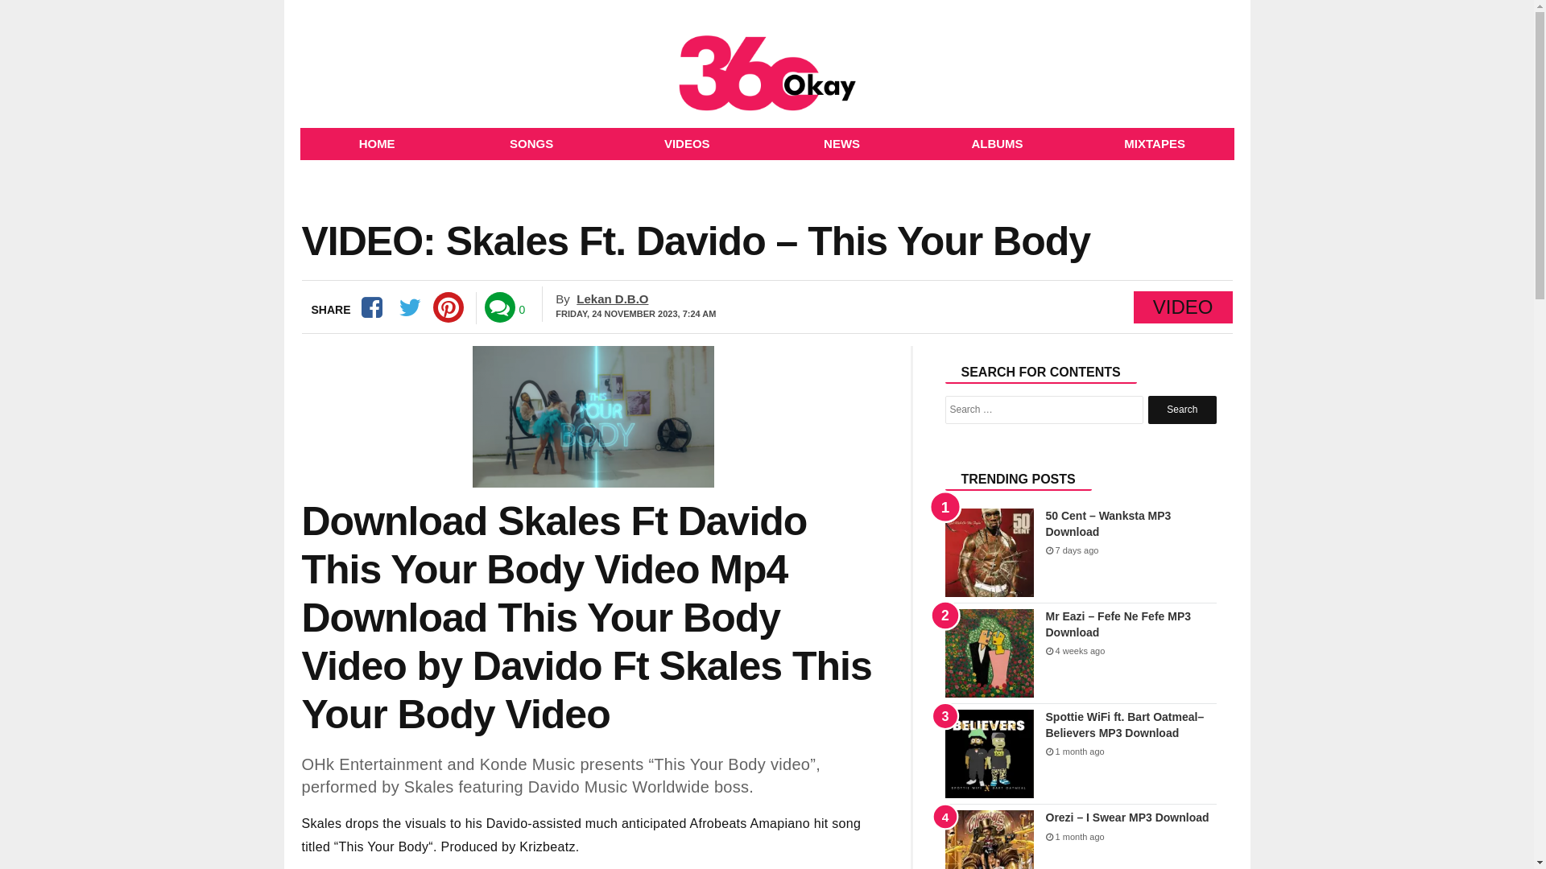  I want to click on 'HOME', so click(375, 142).